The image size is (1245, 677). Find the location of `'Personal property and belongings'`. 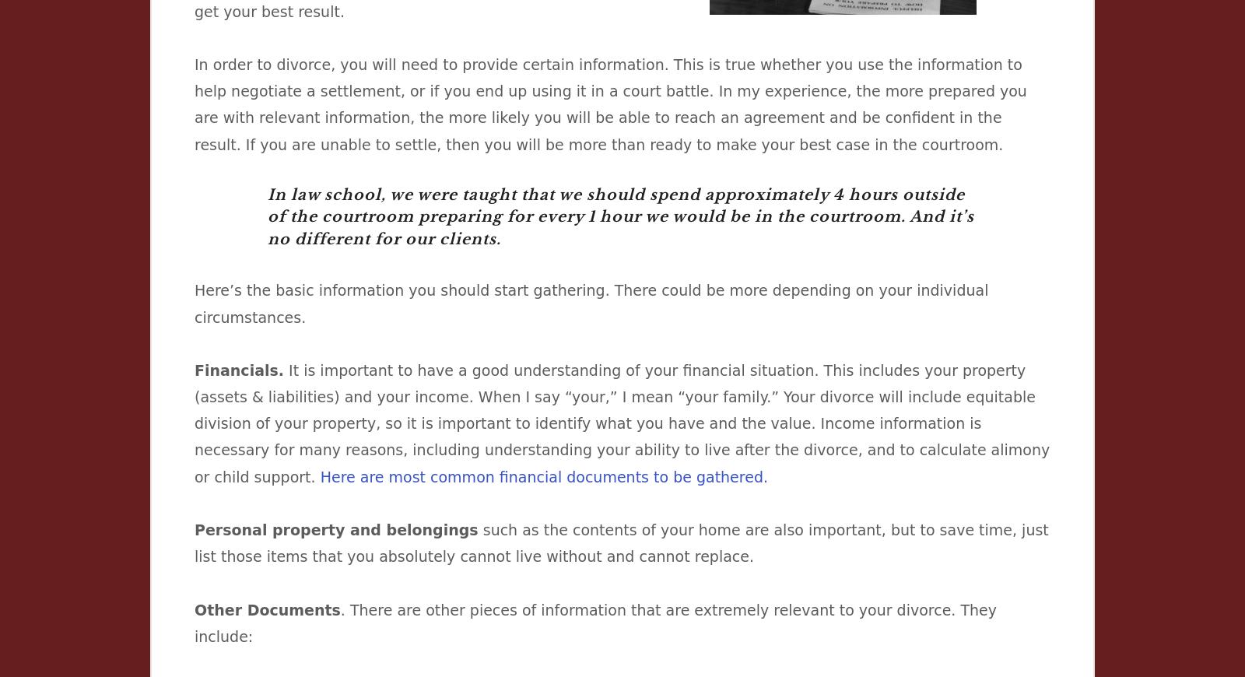

'Personal property and belongings' is located at coordinates (335, 530).